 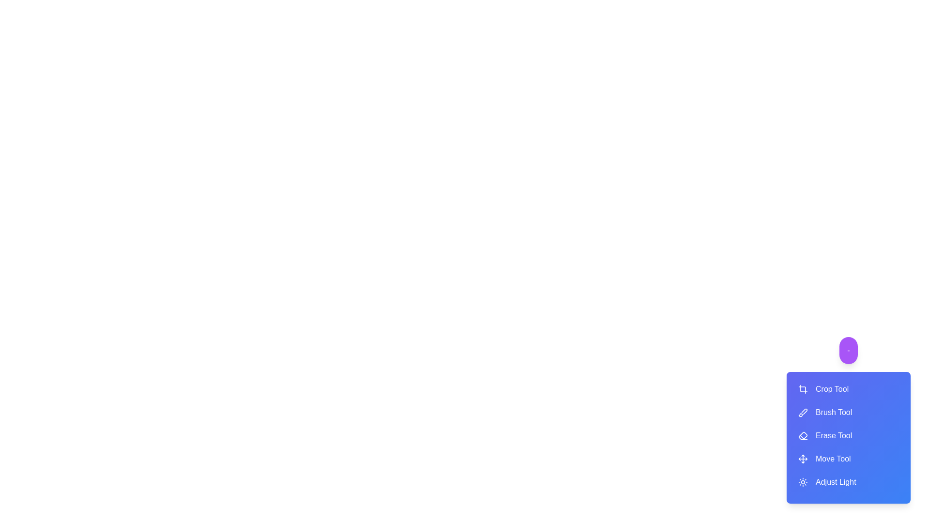 I want to click on the moving tool icon, which is depicted as a white arrow pointing in four directions, located to the left of the 'Move Tool' text in the bottom-right section of the interface, so click(x=803, y=459).